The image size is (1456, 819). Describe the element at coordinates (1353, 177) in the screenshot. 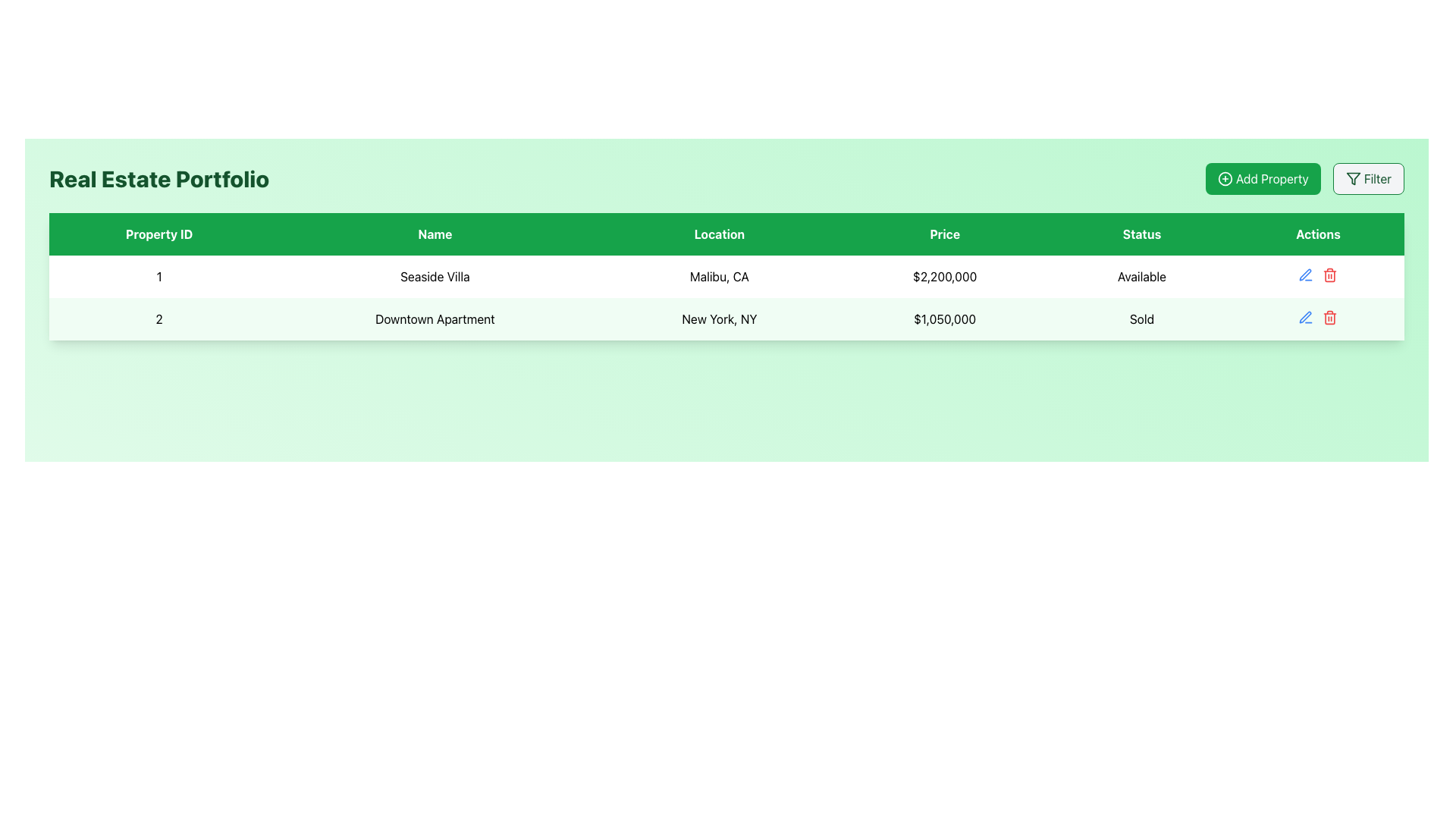

I see `the green triangular-shaped icon within the 'Filter' button located in the top right corner of the interface` at that location.